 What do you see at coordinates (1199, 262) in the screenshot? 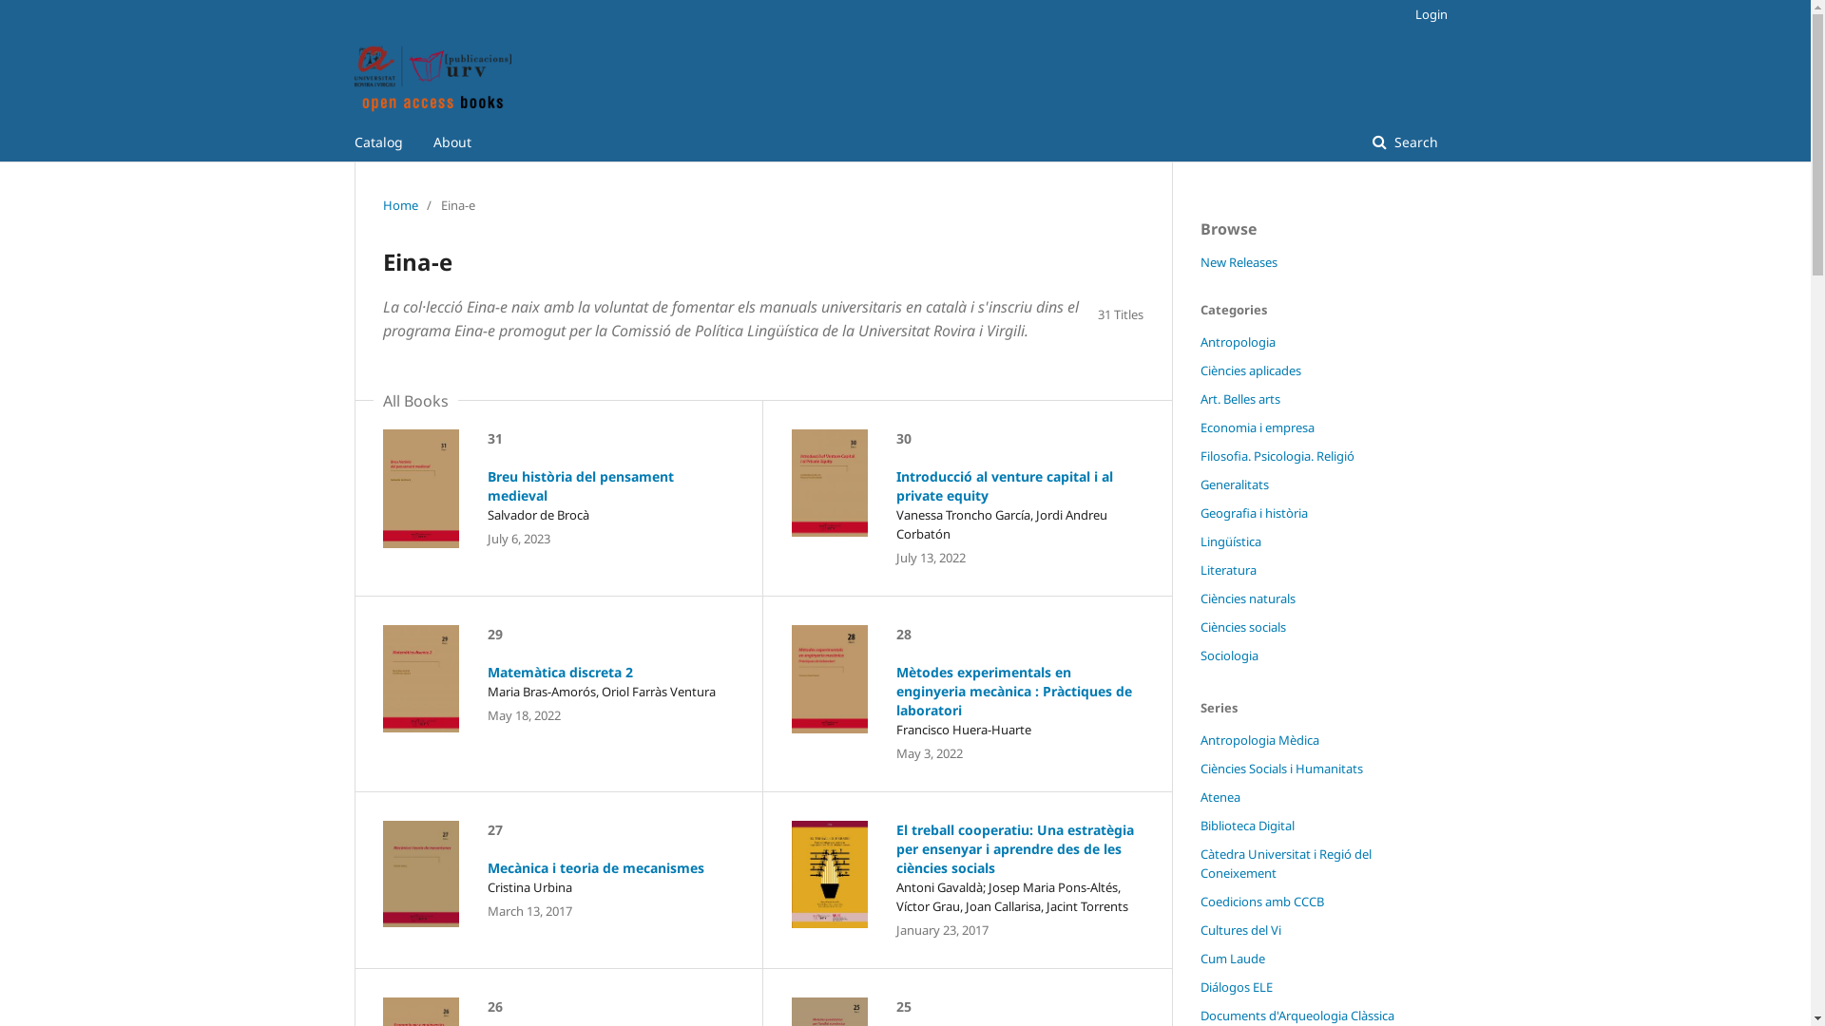
I see `'New Releases'` at bounding box center [1199, 262].